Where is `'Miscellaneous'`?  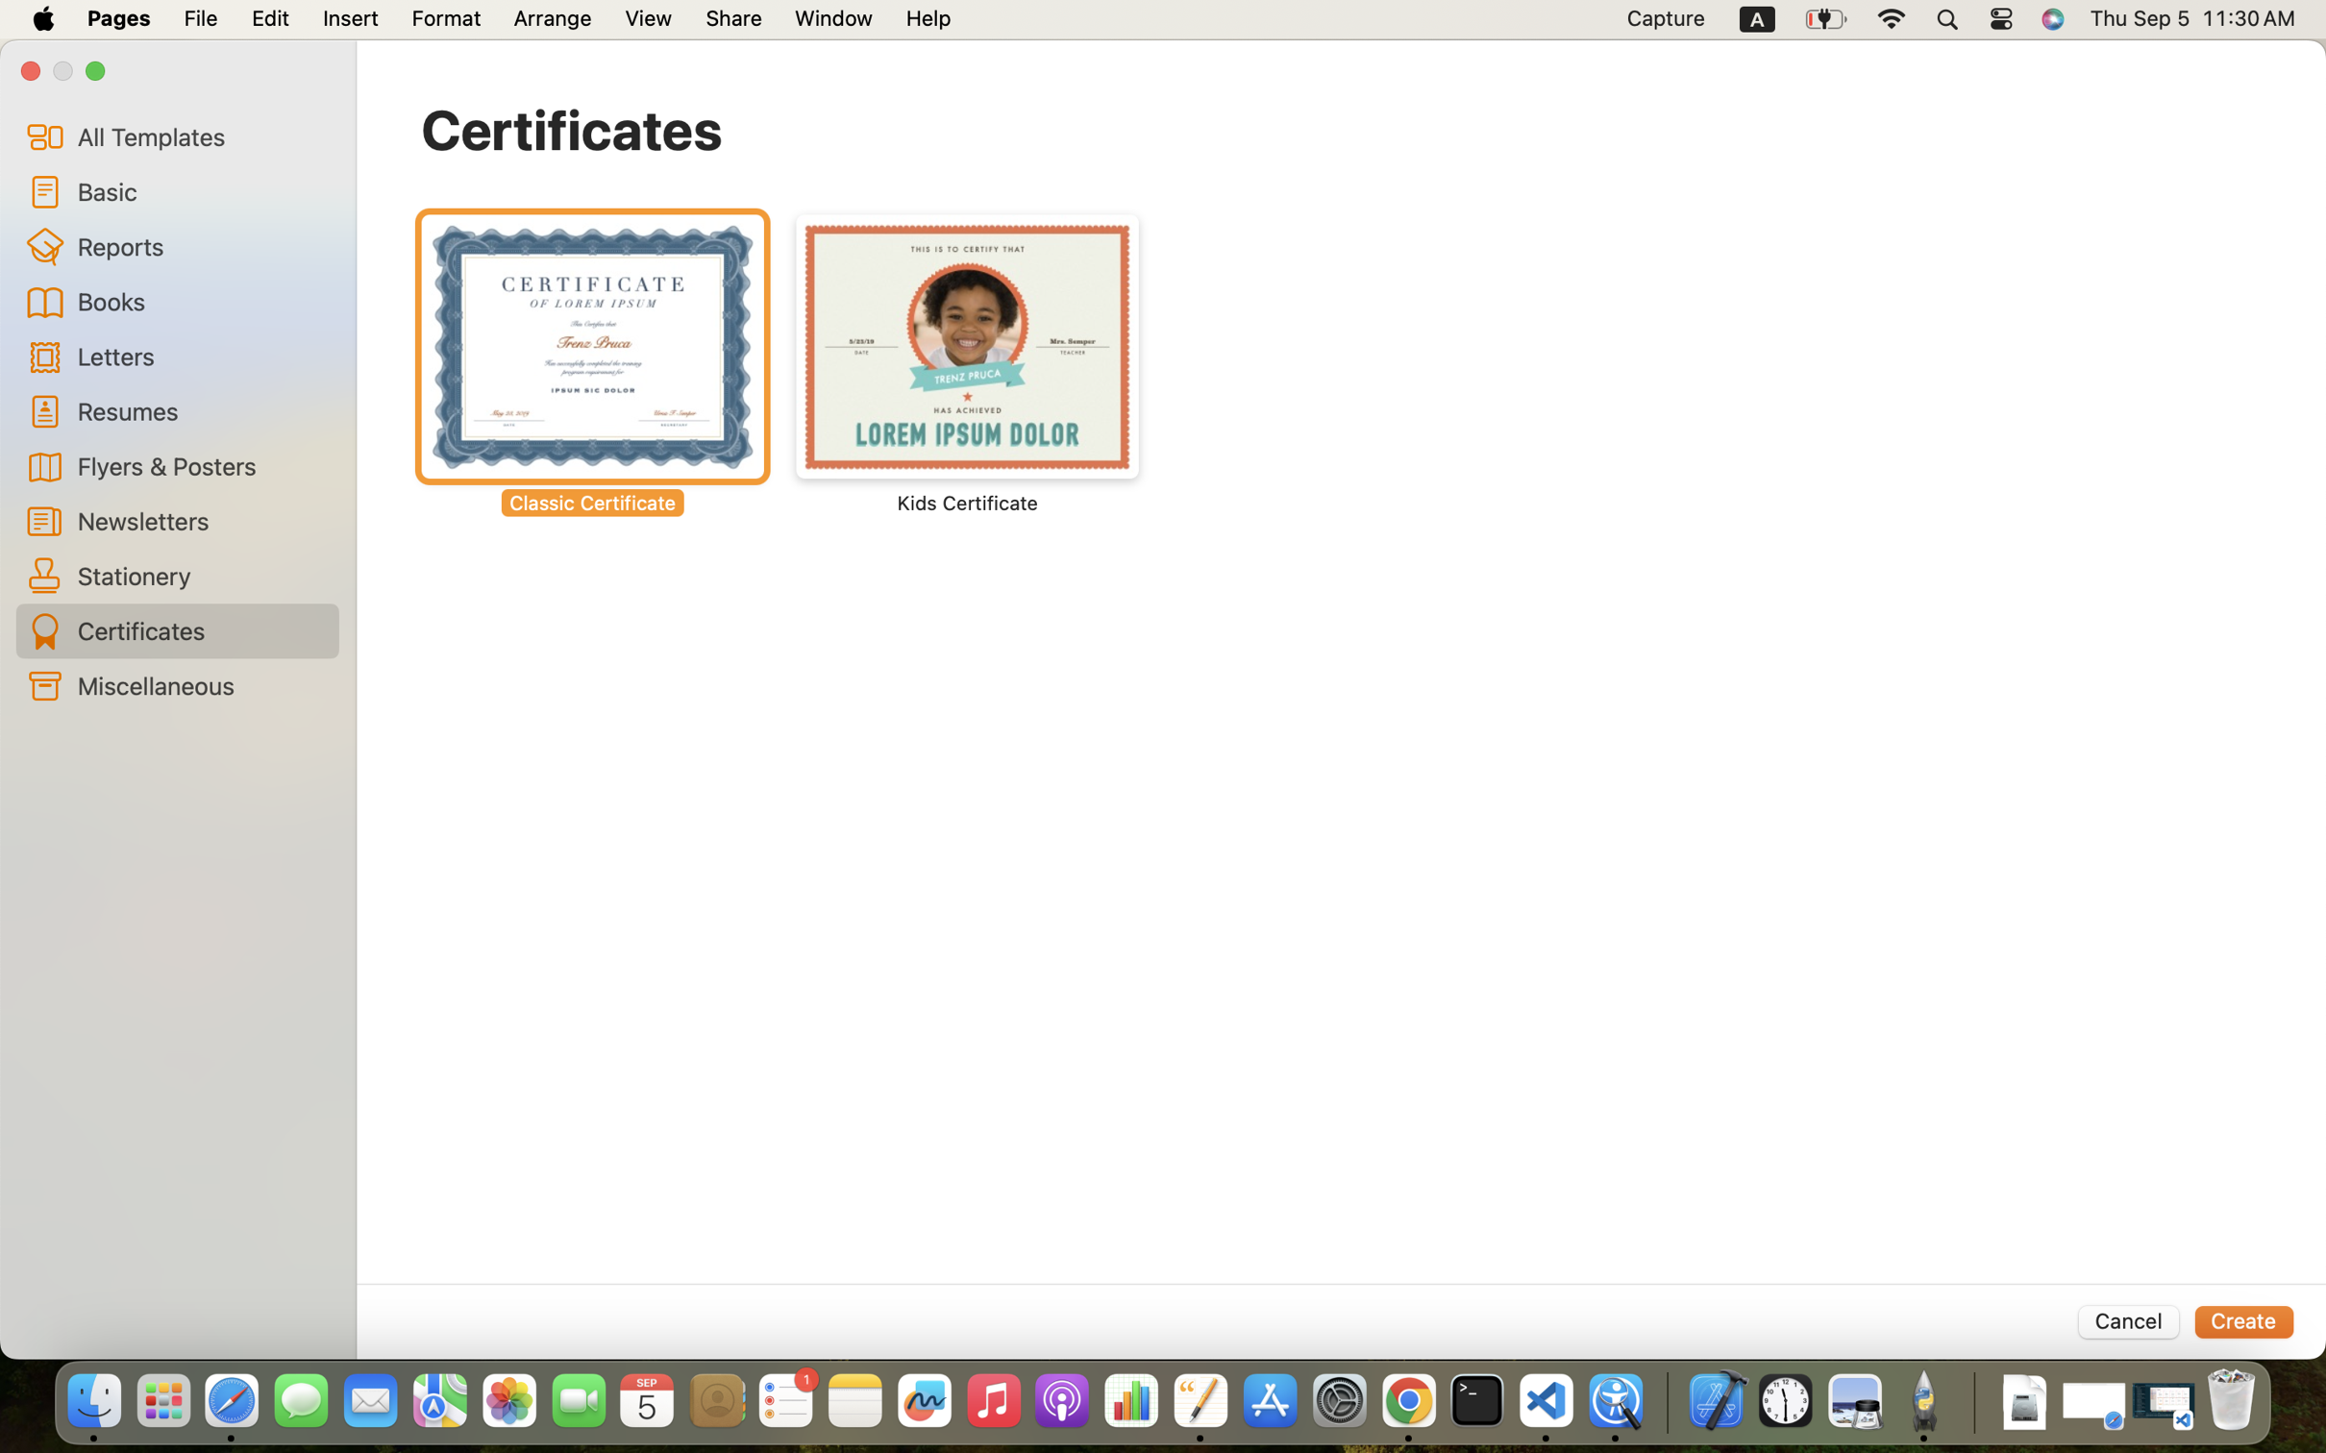 'Miscellaneous' is located at coordinates (200, 684).